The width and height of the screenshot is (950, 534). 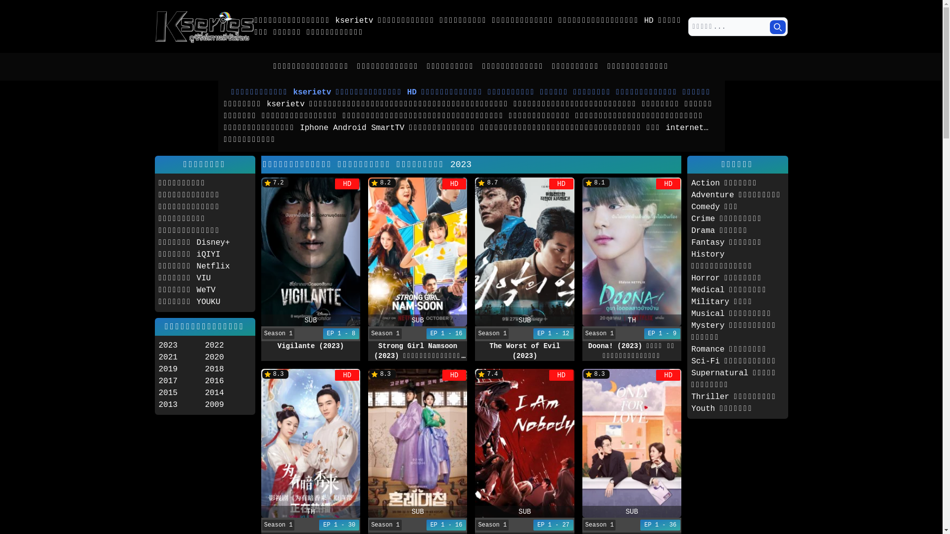 What do you see at coordinates (158, 381) in the screenshot?
I see `'2017'` at bounding box center [158, 381].